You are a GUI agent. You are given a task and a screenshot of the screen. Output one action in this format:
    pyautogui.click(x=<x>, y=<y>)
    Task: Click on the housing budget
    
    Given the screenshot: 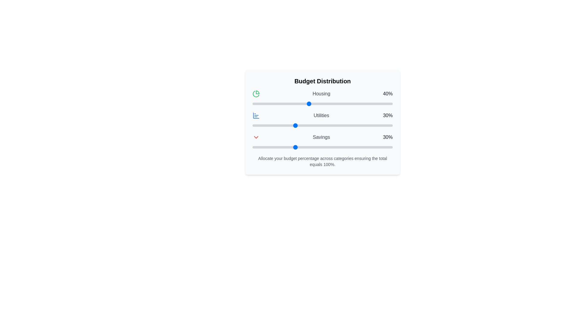 What is the action you would take?
    pyautogui.click(x=317, y=103)
    